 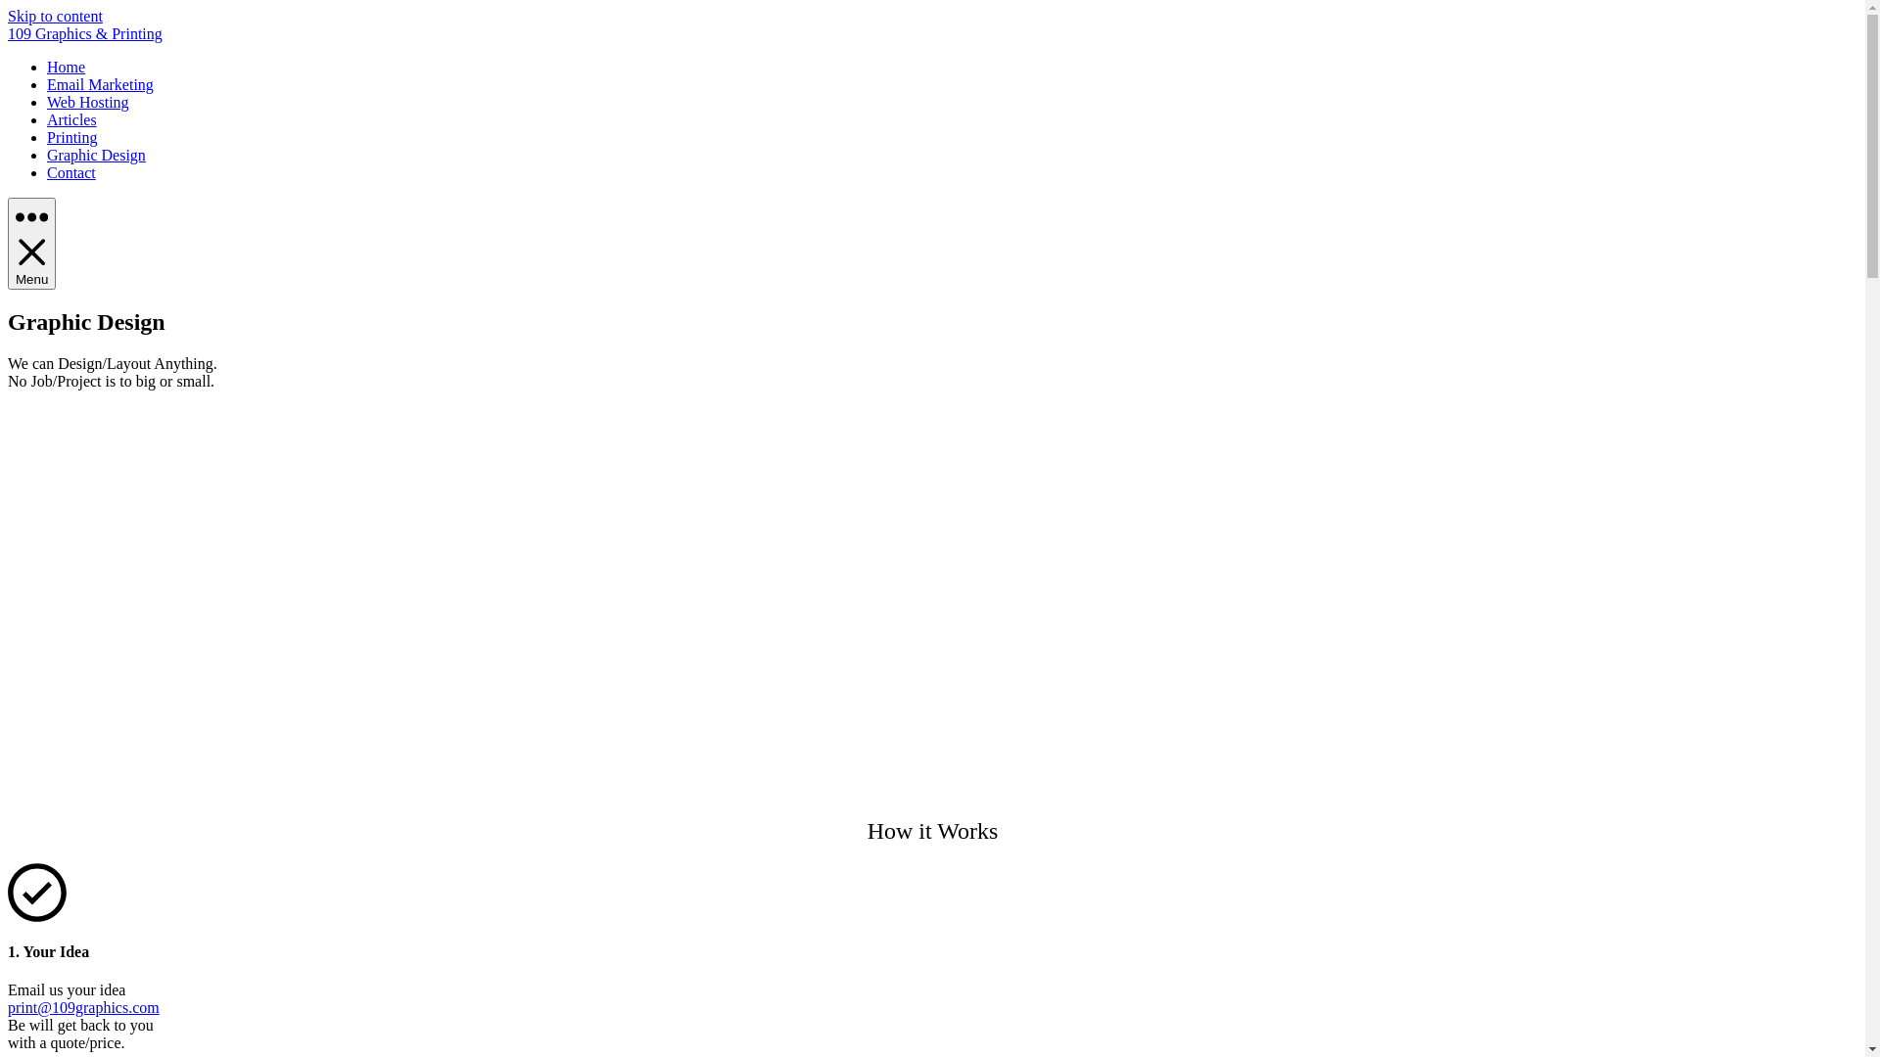 What do you see at coordinates (83, 33) in the screenshot?
I see `'109 Graphics & Printing'` at bounding box center [83, 33].